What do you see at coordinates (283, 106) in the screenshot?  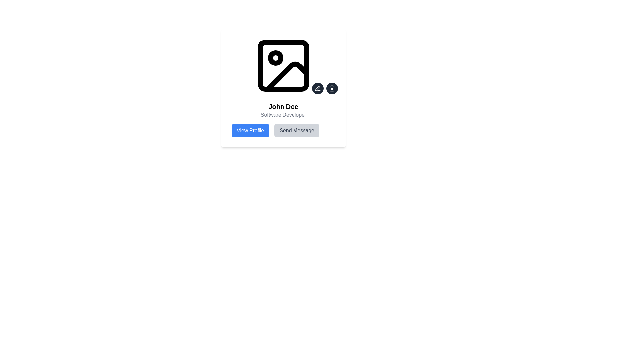 I see `the text label displaying 'John Doe' in bold, which is centrally positioned in the profile card interface, above the 'Software Developer' text` at bounding box center [283, 106].